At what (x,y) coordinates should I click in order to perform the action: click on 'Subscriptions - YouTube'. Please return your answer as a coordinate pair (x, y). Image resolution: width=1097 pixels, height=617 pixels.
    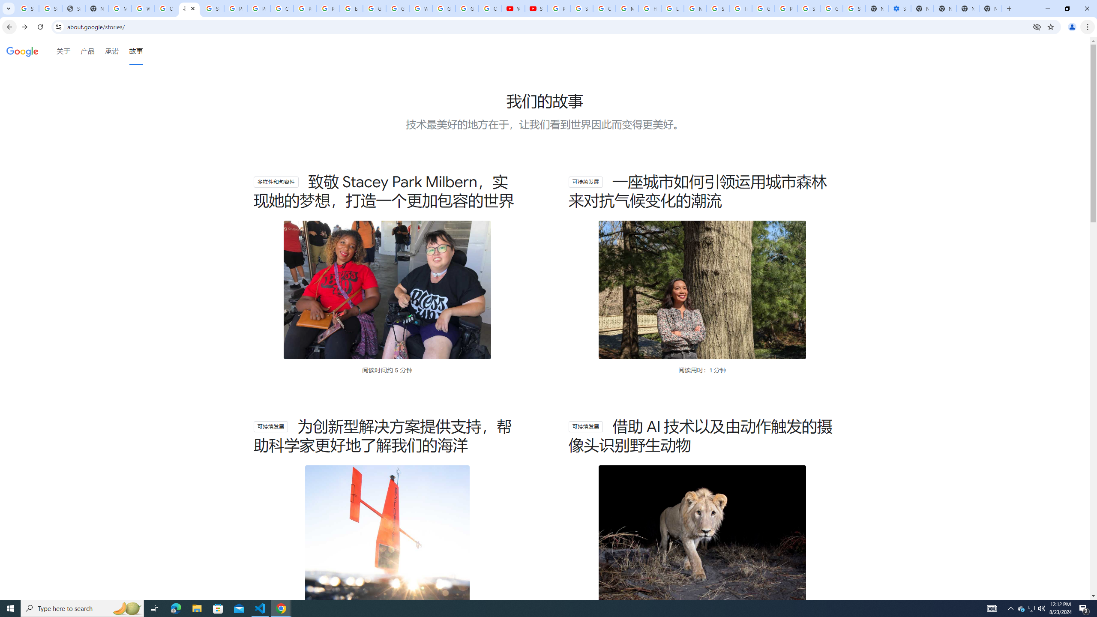
    Looking at the image, I should click on (536, 8).